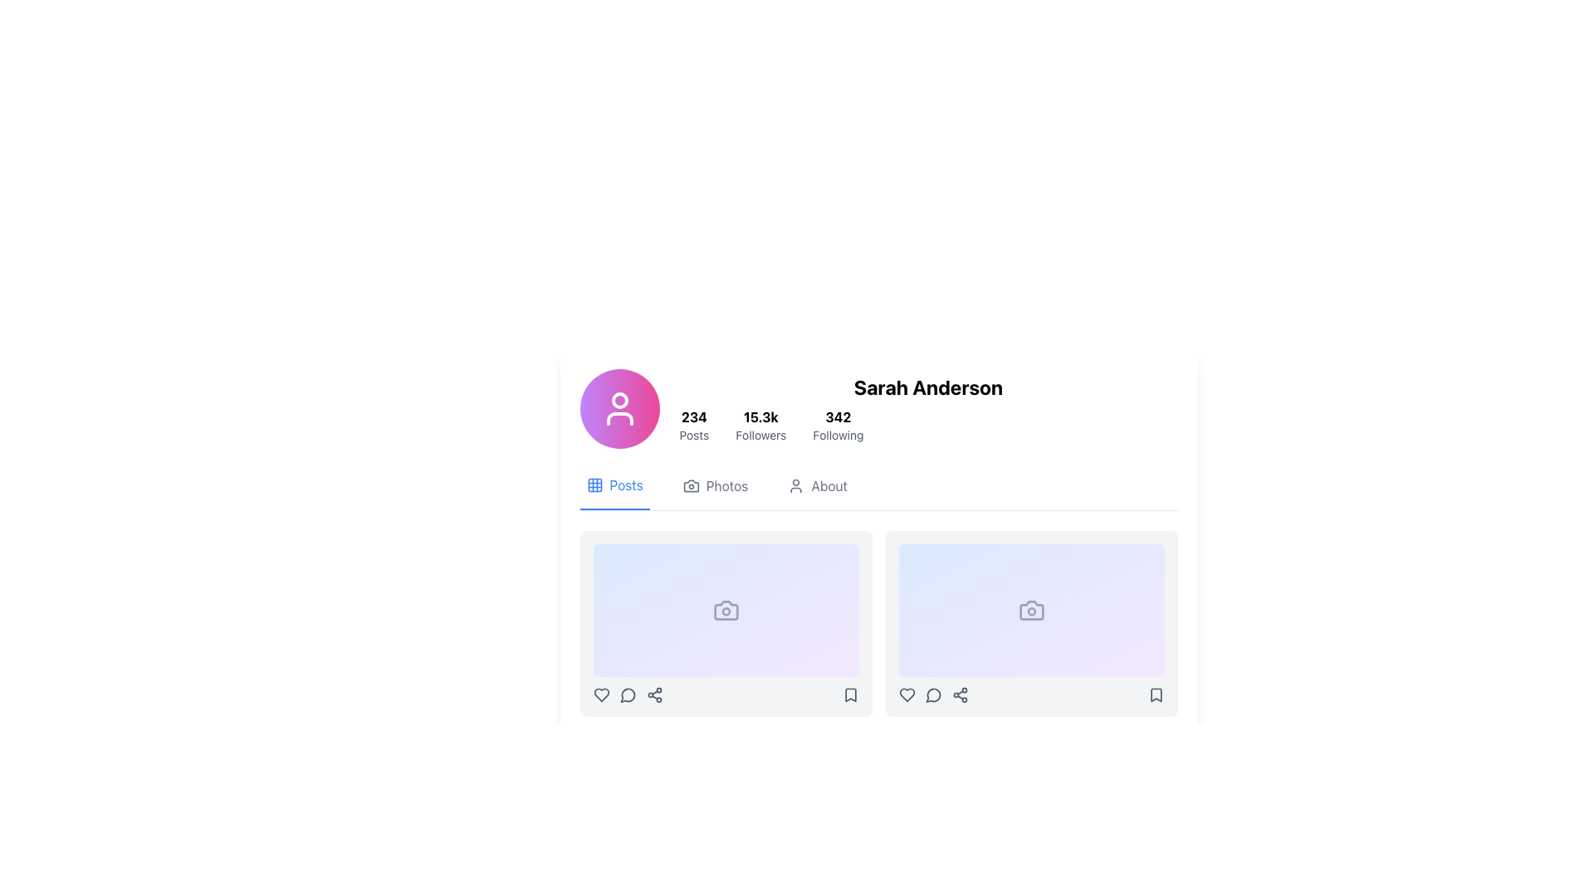  What do you see at coordinates (760, 434) in the screenshot?
I see `the 'Followers' text label displayed in small gray font, located beneath the bold number '15.3k' in the Followers section of the interface` at bounding box center [760, 434].